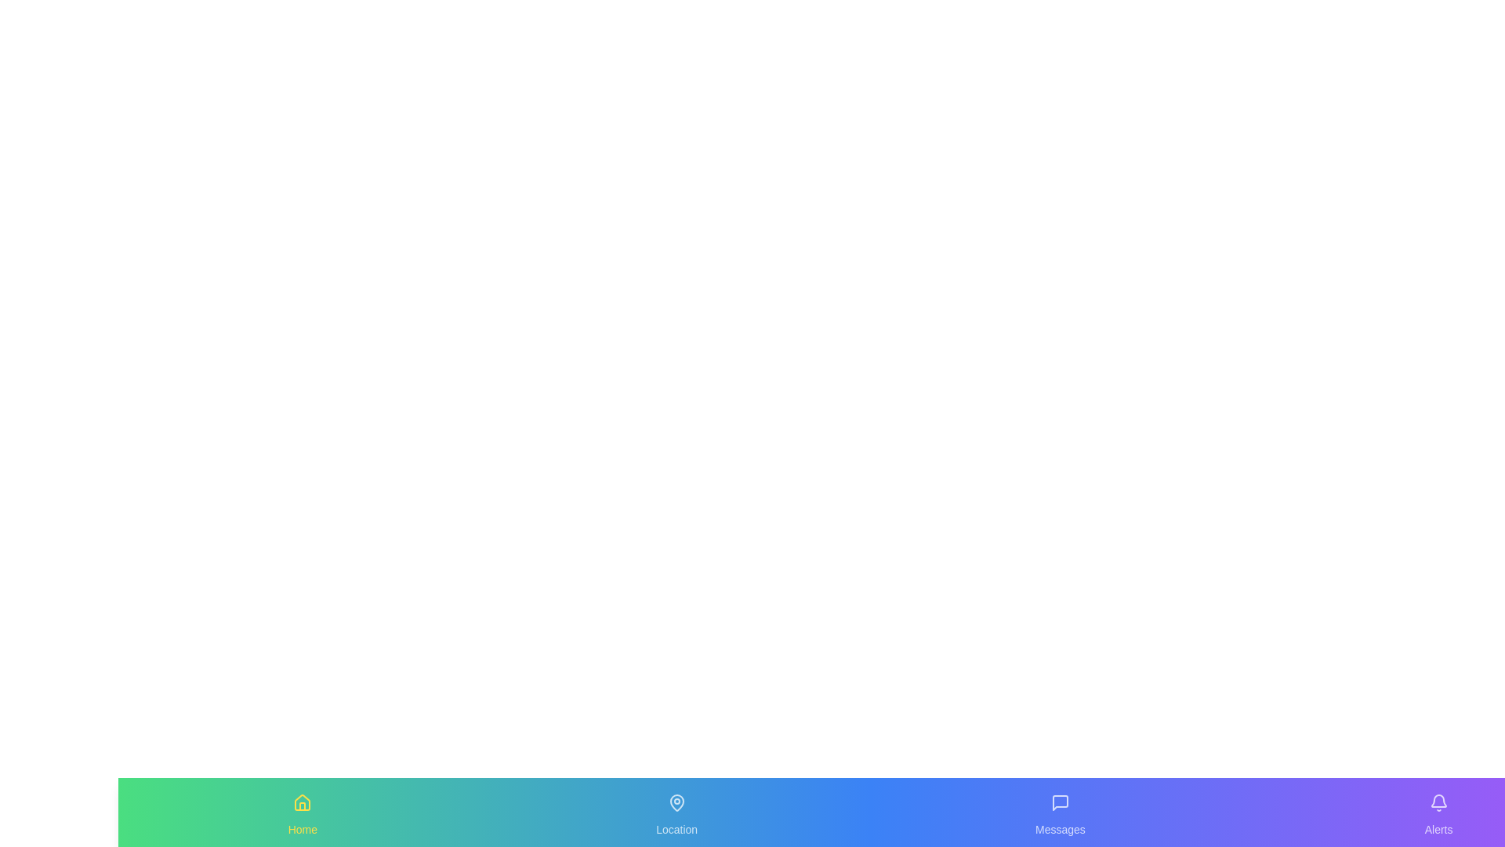  What do you see at coordinates (302, 802) in the screenshot?
I see `the icon labeled 'Home' to observe its hover effect` at bounding box center [302, 802].